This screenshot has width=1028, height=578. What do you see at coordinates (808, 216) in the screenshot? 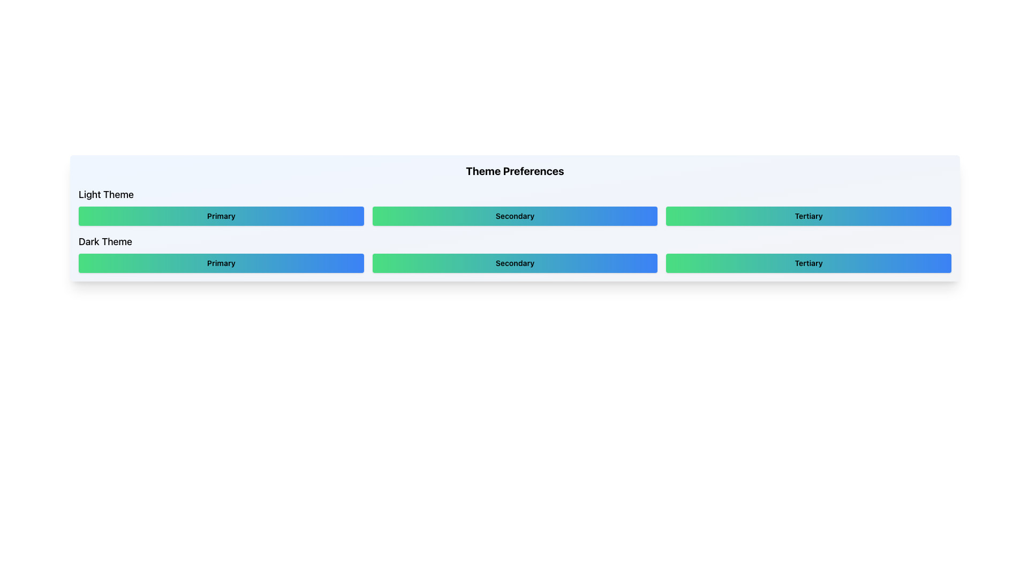
I see `the 'Tertiary' button, which is a rectangular button with a gradient background from green to blue, featuring bold black text centered on it. It is located in the rightmost column of a three-button horizontal grid layout` at bounding box center [808, 216].